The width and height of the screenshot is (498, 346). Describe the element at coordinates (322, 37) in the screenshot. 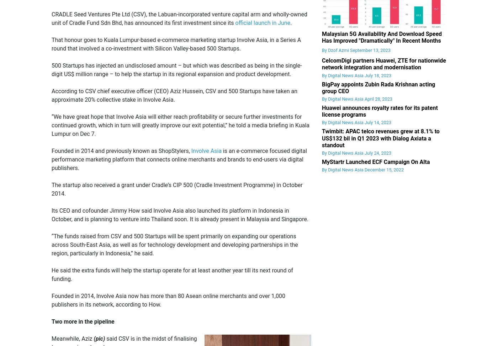

I see `'Malaysian 5G availability and download speed has improved "dramatically" in recent months'` at that location.